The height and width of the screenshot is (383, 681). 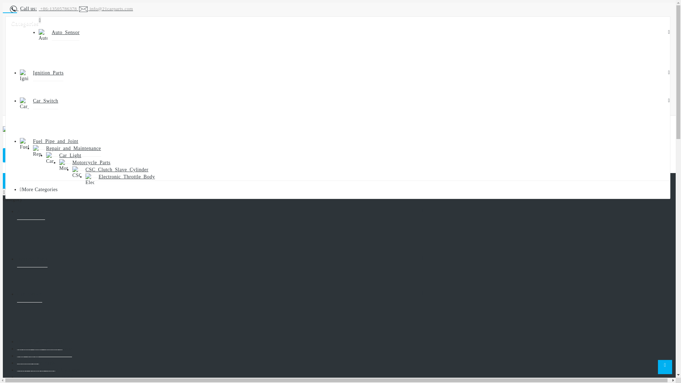 What do you see at coordinates (48, 73) in the screenshot?
I see `'Ignition_Parts'` at bounding box center [48, 73].